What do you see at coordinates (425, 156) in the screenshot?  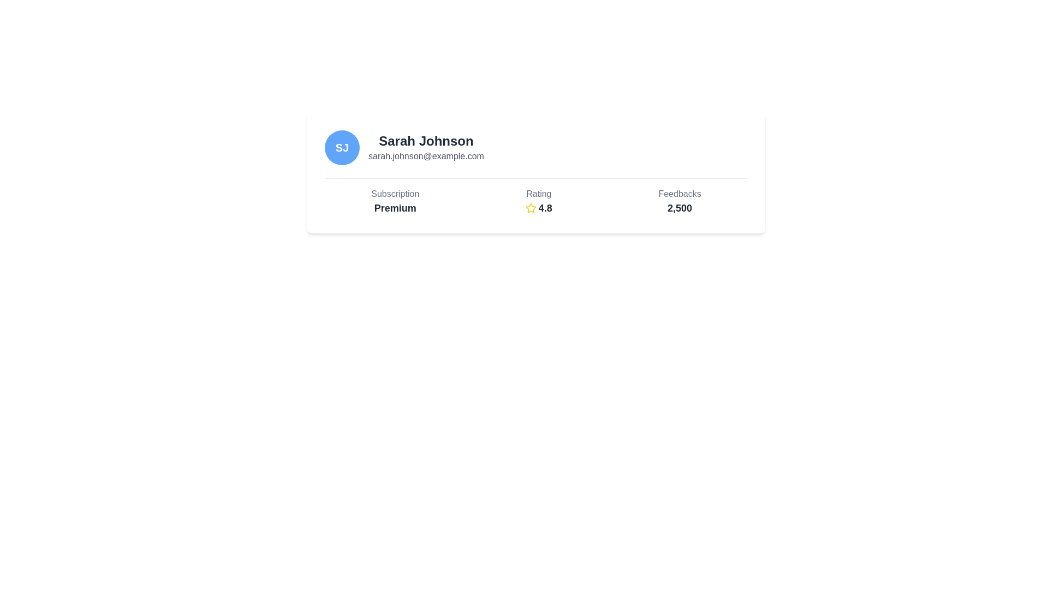 I see `email address displayed as 'sarah.johnson@example.com' located directly below the name text 'Sarah Johnson' in the profile header` at bounding box center [425, 156].